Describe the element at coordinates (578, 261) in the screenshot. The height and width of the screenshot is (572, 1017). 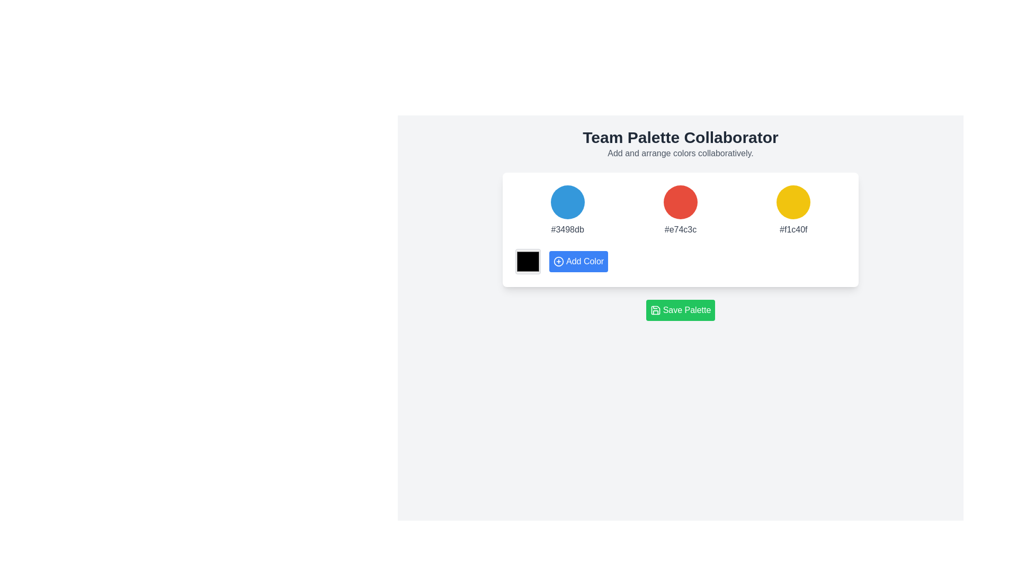
I see `the 'Add Color' button, which is a rectangular button with a blue background and white text, located below a black square color box` at that location.